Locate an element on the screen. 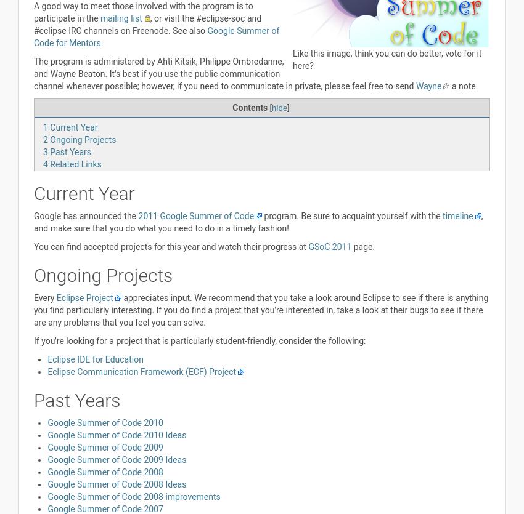 Image resolution: width=524 pixels, height=514 pixels. '[' is located at coordinates (269, 107).